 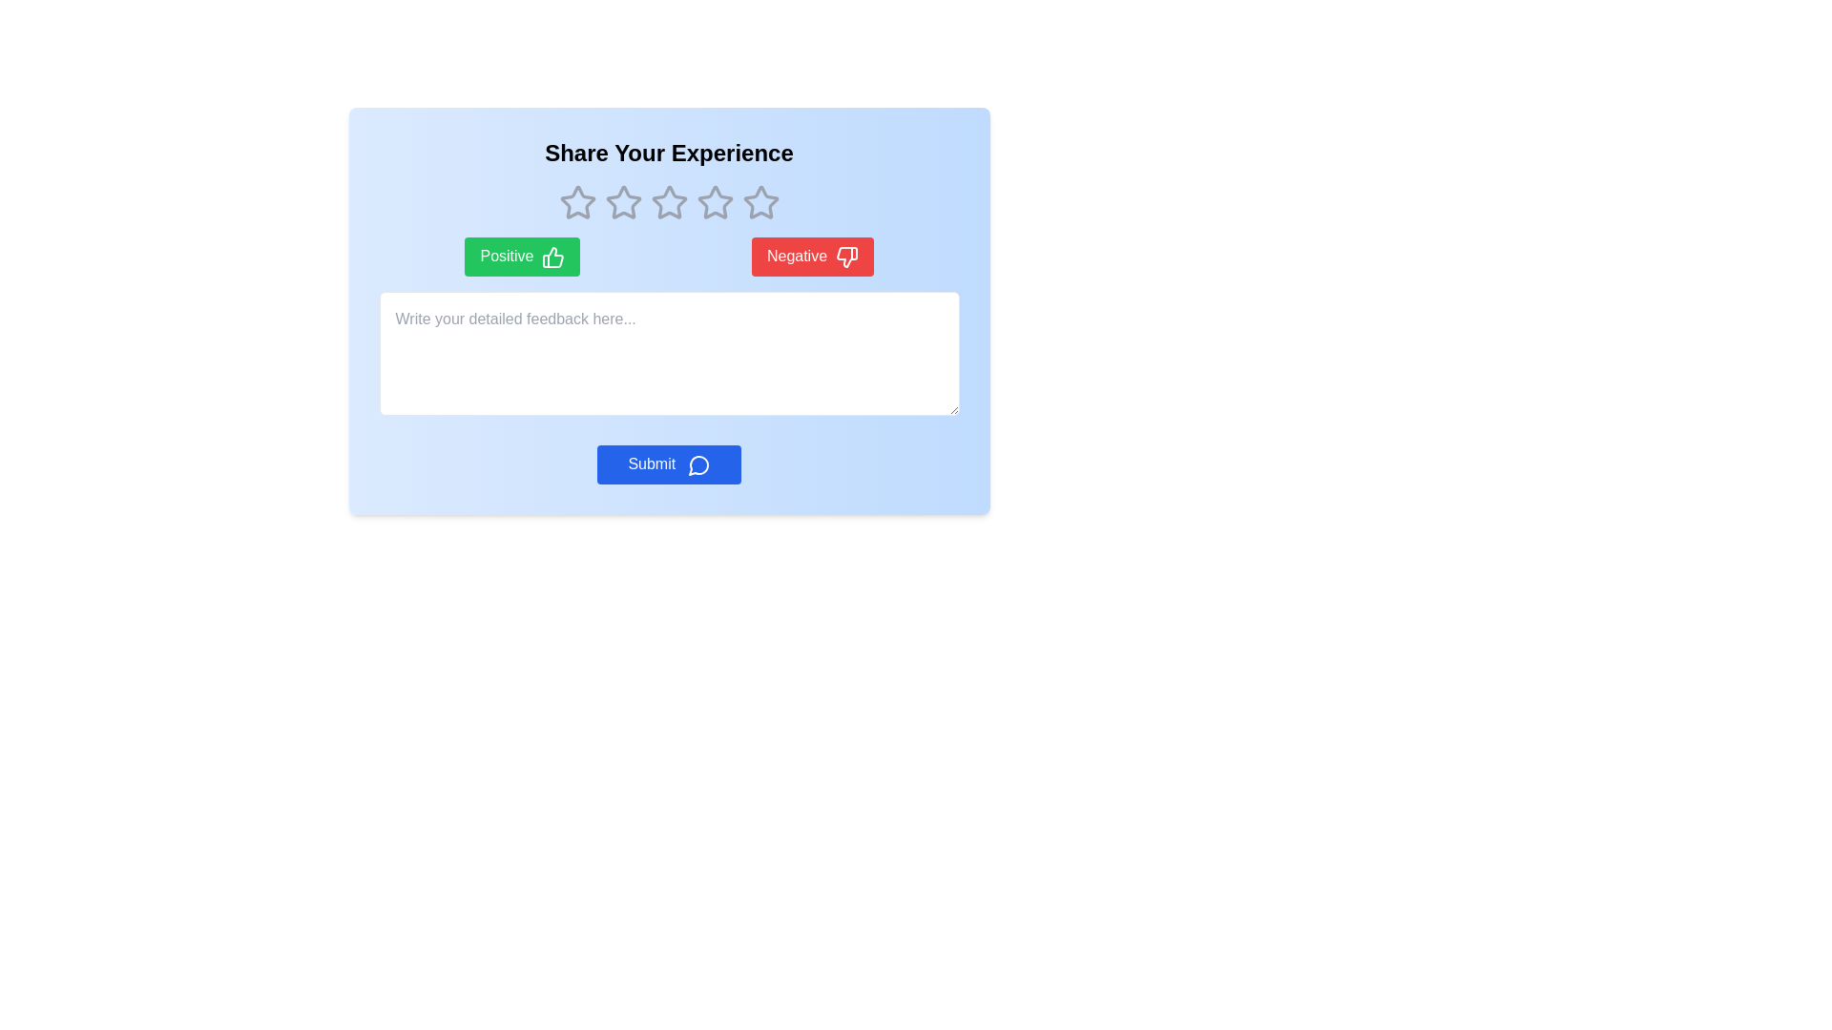 What do you see at coordinates (714, 202) in the screenshot?
I see `the sixth star in the star rating SVG icon` at bounding box center [714, 202].